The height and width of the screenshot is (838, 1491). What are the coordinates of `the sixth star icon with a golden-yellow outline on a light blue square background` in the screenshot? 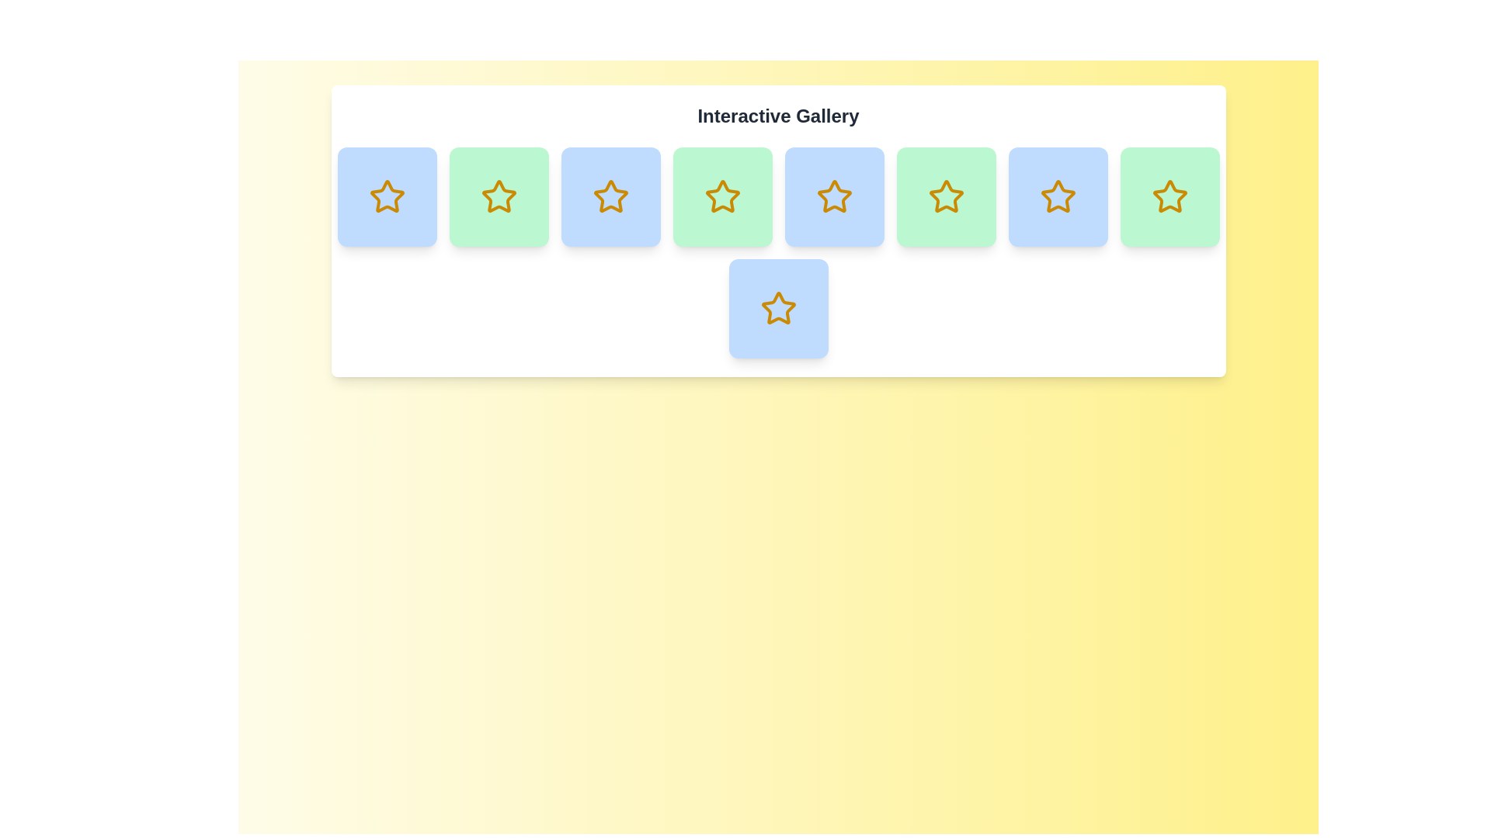 It's located at (1057, 196).